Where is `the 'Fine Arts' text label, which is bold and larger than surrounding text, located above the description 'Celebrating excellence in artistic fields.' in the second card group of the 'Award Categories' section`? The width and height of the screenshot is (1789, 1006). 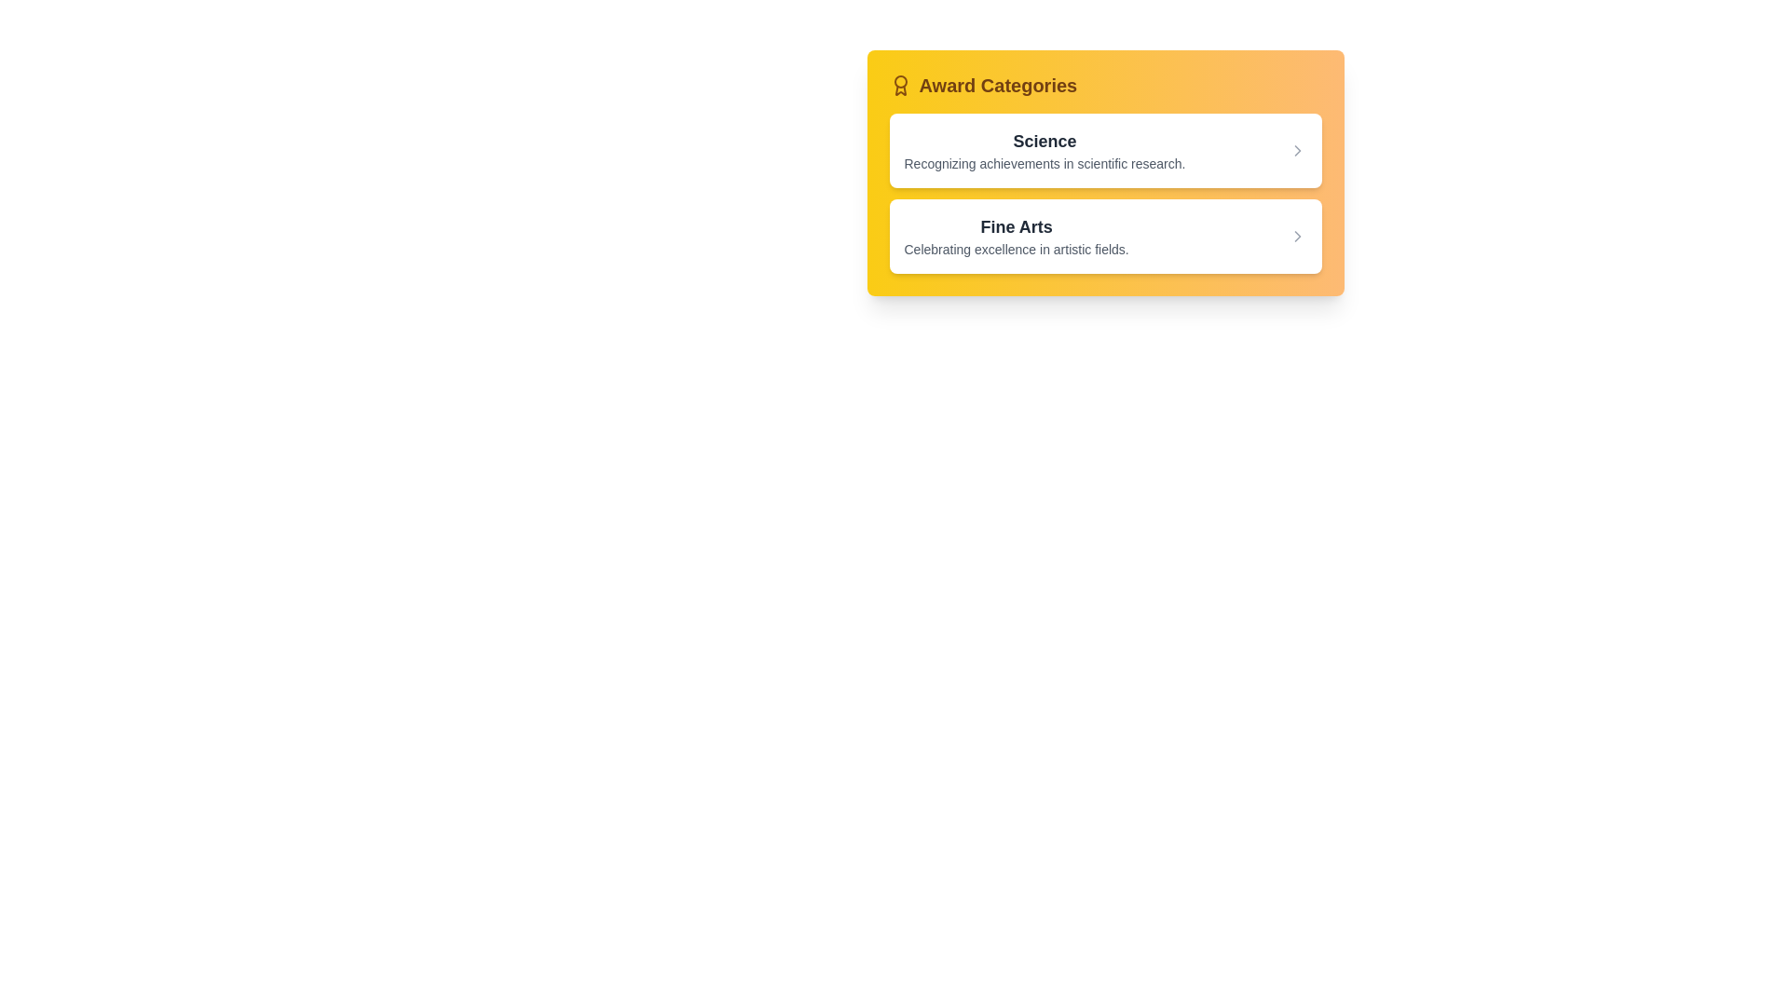
the 'Fine Arts' text label, which is bold and larger than surrounding text, located above the description 'Celebrating excellence in artistic fields.' in the second card group of the 'Award Categories' section is located at coordinates (1016, 225).